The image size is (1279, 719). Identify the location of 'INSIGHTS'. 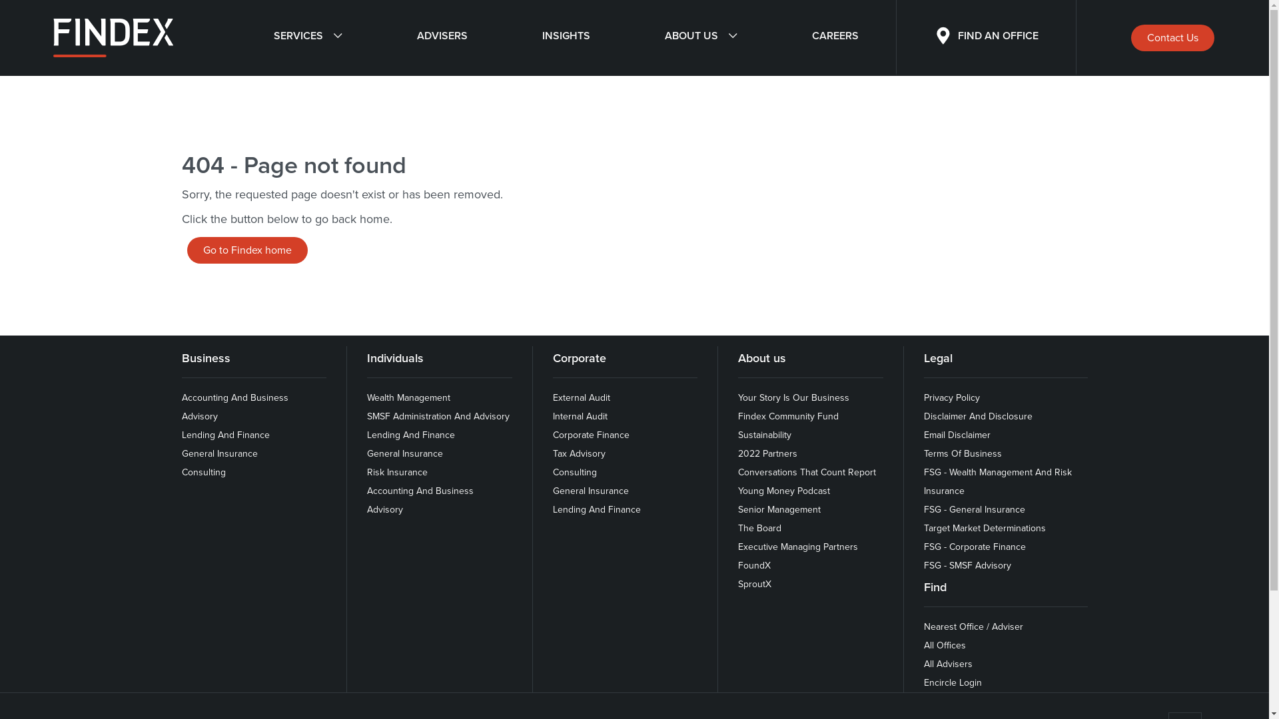
(504, 37).